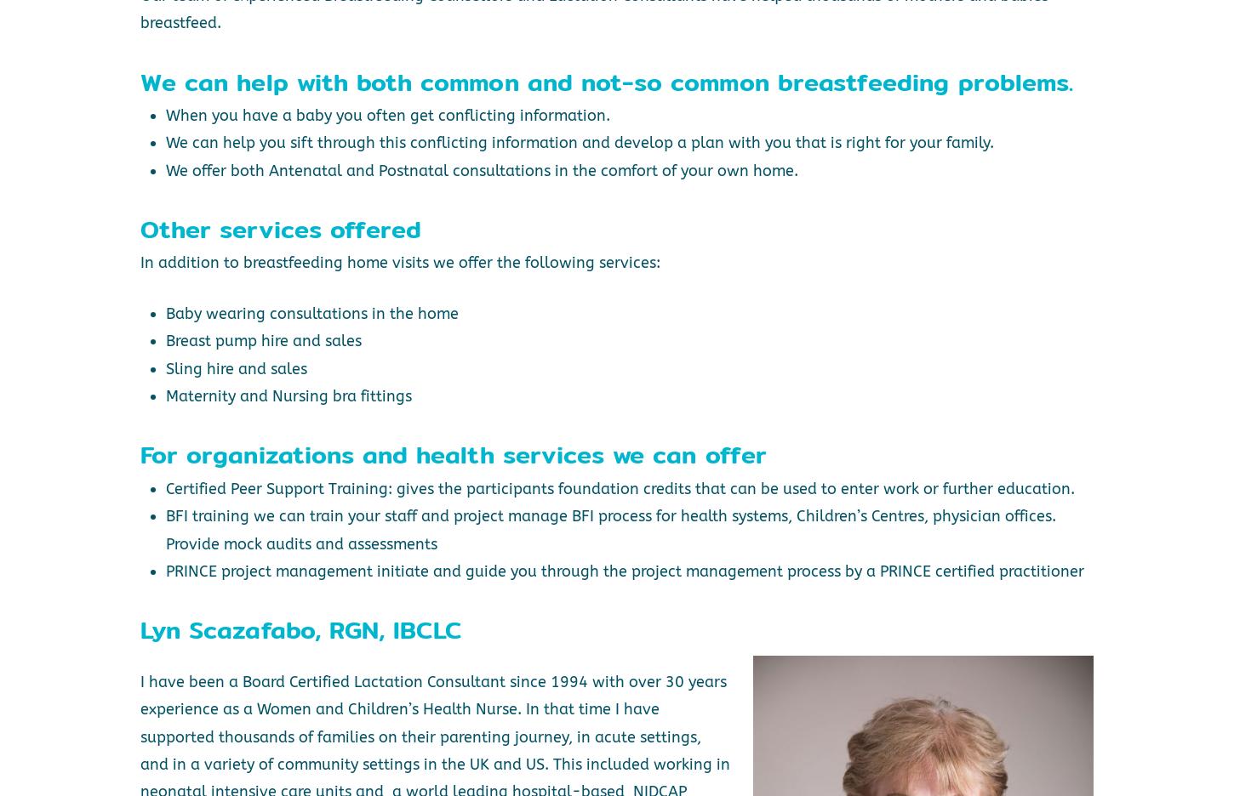 This screenshot has height=796, width=1234. I want to click on 'We can help you sift through this conflicting information and develop a plan with you that is right for your family.', so click(578, 142).